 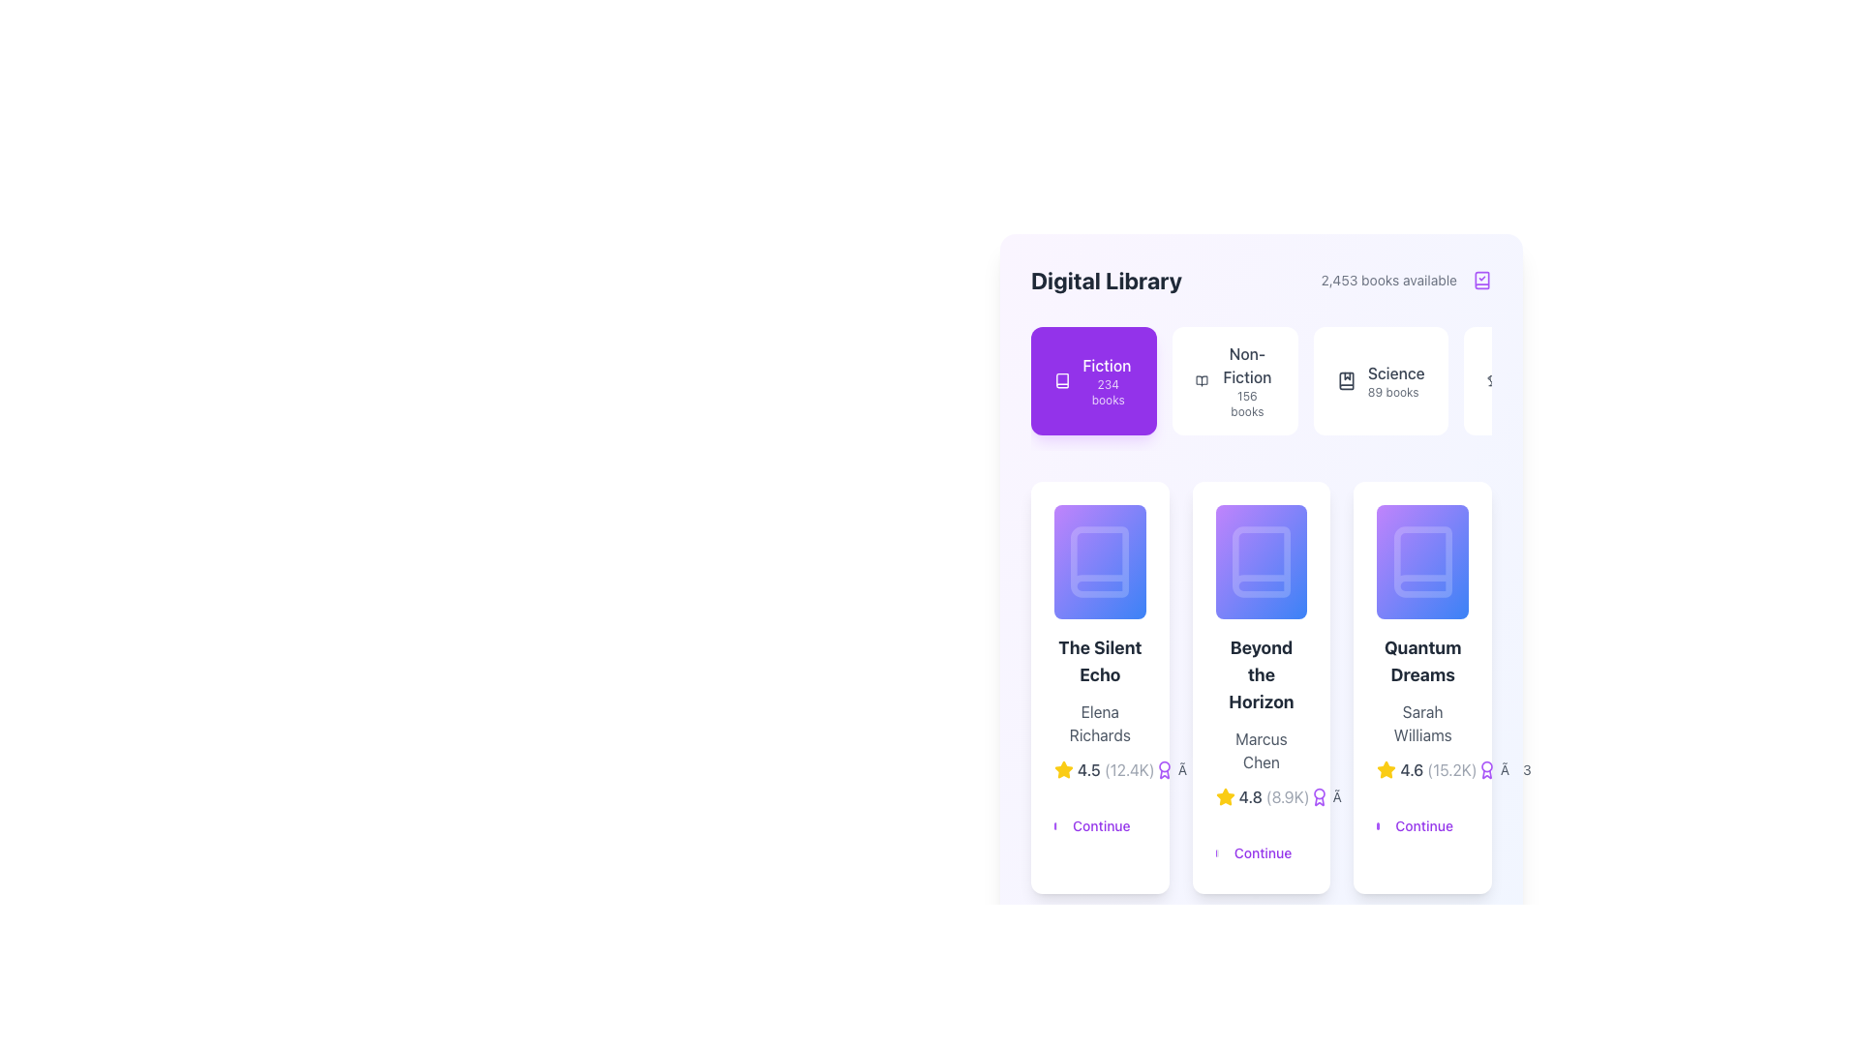 What do you see at coordinates (1100, 653) in the screenshot?
I see `the Progress Indicator Bar that displays '65% complete'` at bounding box center [1100, 653].